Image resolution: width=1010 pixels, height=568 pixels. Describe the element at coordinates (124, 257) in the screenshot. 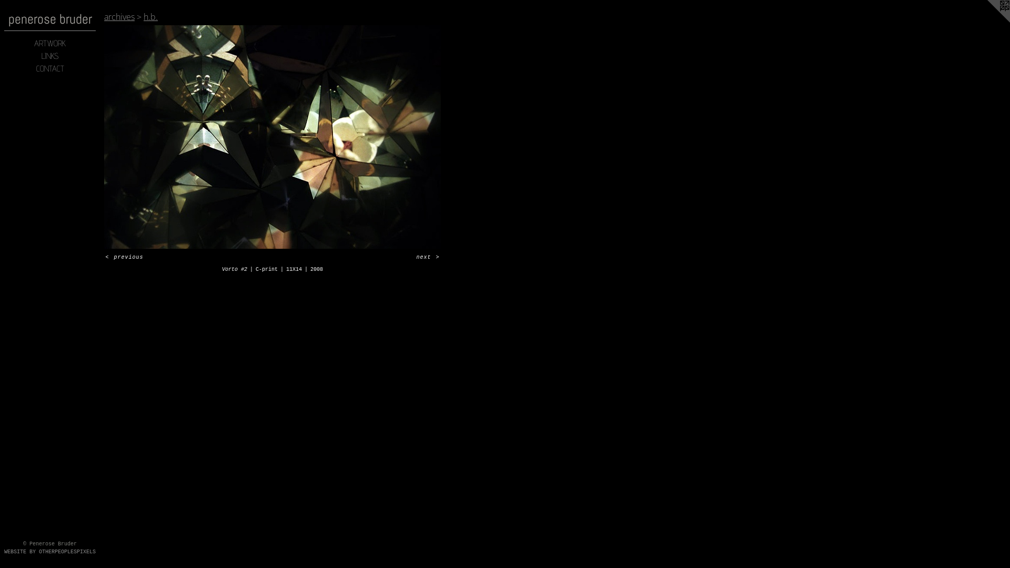

I see `'< previous'` at that location.